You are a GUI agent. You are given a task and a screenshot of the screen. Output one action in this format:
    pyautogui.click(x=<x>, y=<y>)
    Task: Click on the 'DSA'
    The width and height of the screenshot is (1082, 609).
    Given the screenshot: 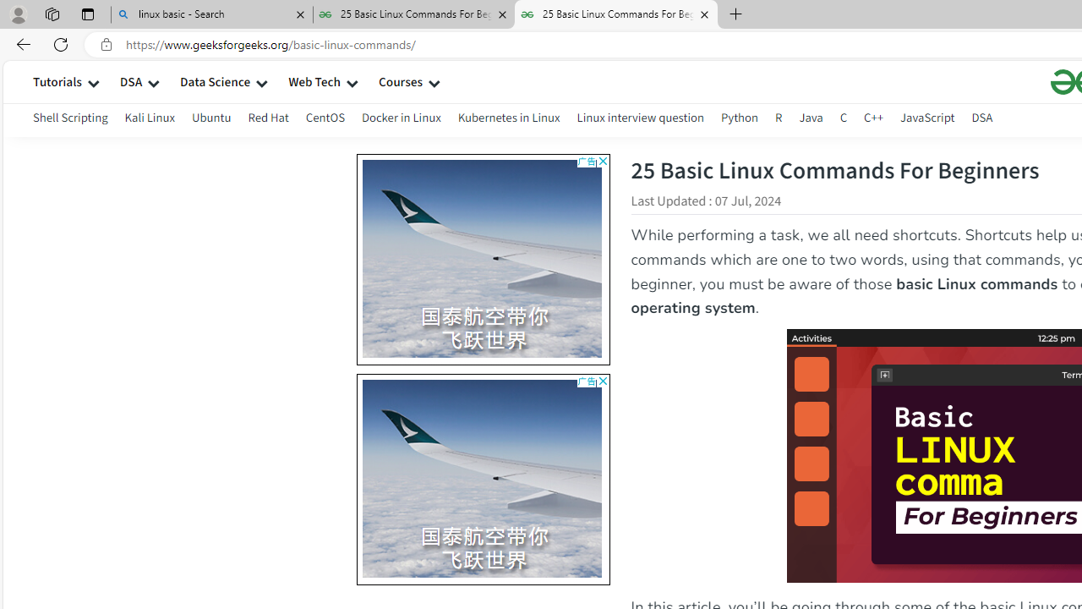 What is the action you would take?
    pyautogui.click(x=982, y=119)
    